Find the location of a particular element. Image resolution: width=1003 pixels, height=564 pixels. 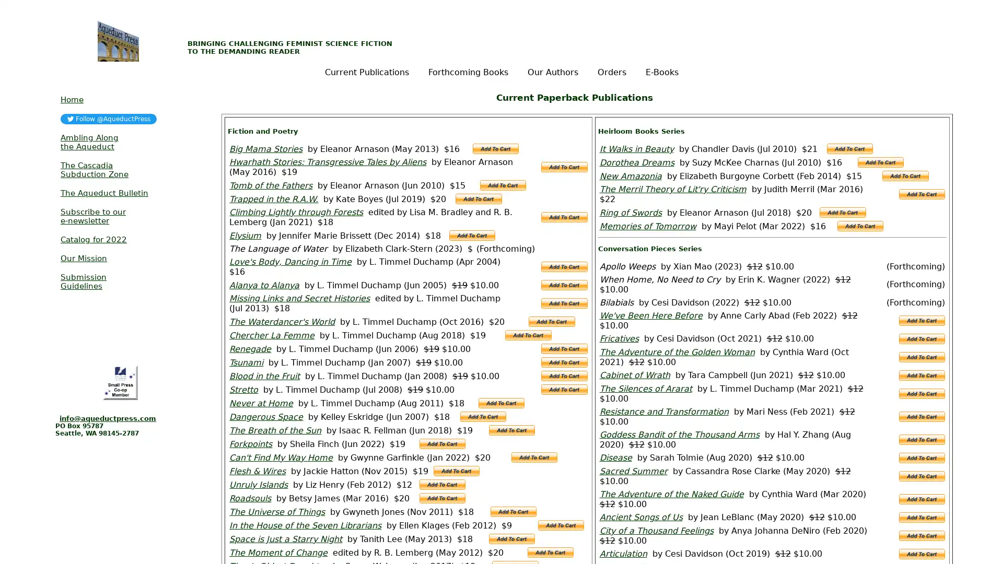

Make payments with PayPal - it\'s fast, free and secure! is located at coordinates (922, 498).